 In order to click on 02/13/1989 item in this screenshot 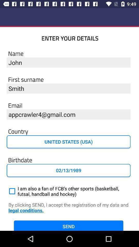, I will do `click(68, 170)`.